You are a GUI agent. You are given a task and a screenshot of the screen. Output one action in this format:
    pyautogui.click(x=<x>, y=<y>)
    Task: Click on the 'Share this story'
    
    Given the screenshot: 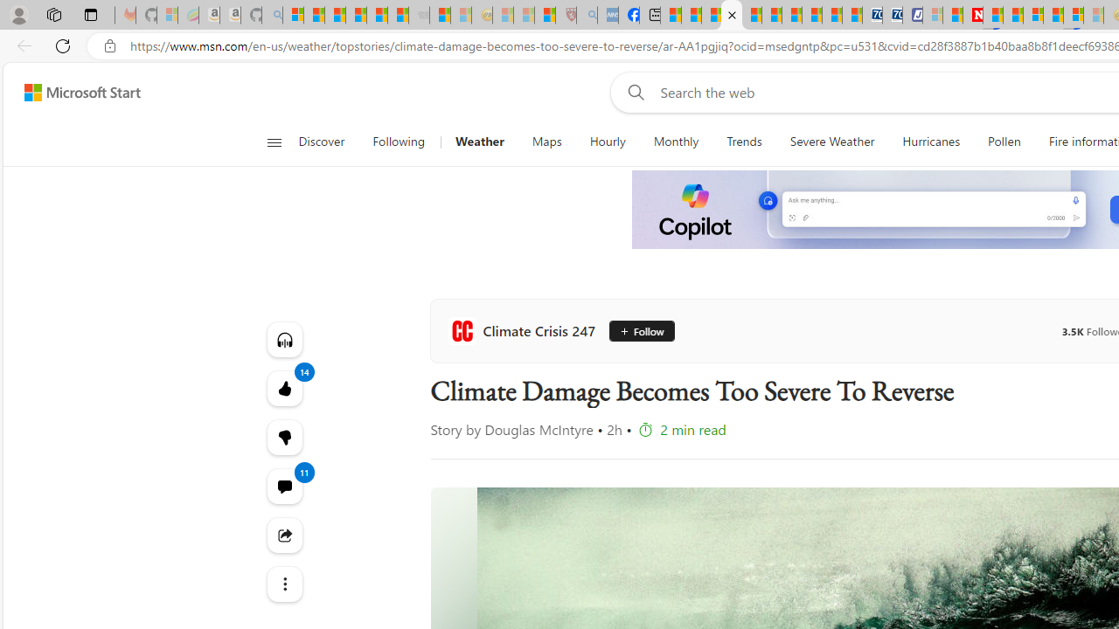 What is the action you would take?
    pyautogui.click(x=284, y=535)
    